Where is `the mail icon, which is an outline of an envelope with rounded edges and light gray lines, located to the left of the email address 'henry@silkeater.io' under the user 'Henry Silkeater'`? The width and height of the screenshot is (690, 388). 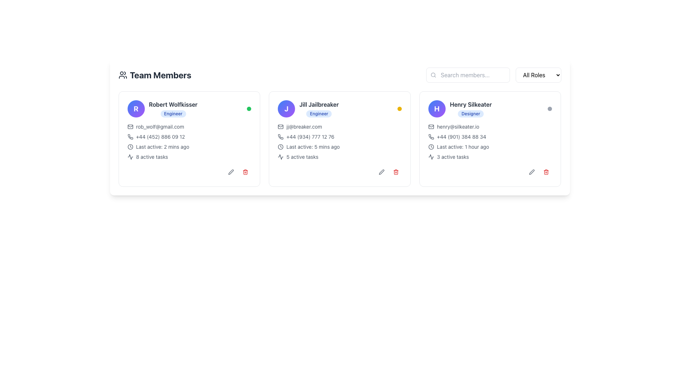
the mail icon, which is an outline of an envelope with rounded edges and light gray lines, located to the left of the email address 'henry@silkeater.io' under the user 'Henry Silkeater' is located at coordinates (431, 126).